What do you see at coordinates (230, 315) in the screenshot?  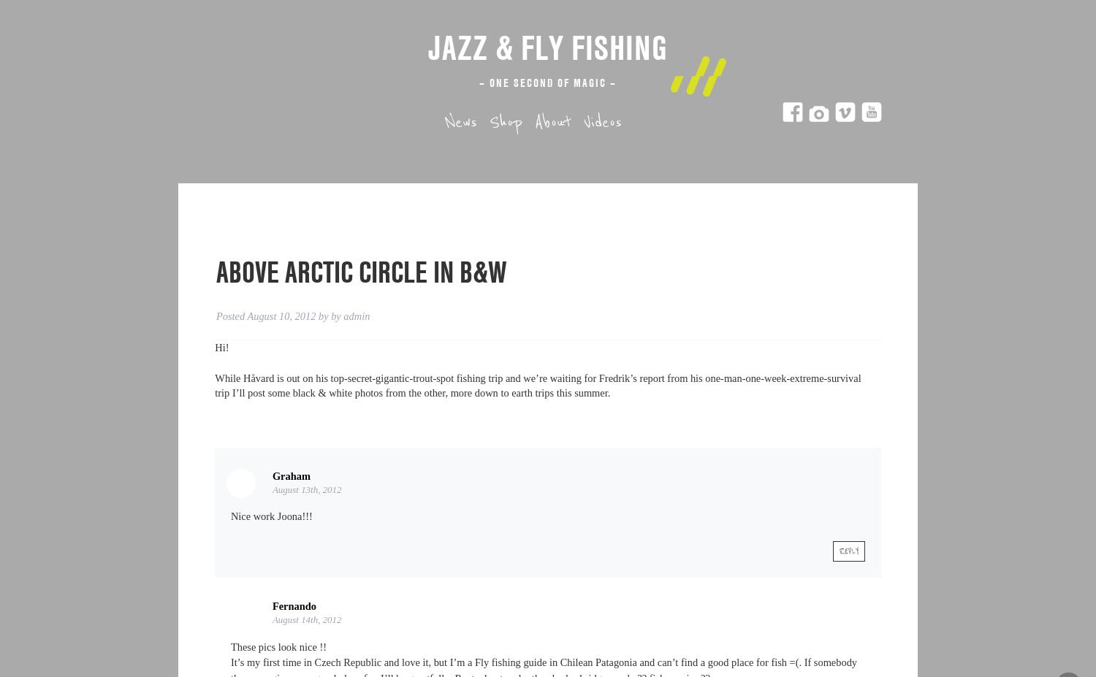 I see `'Posted'` at bounding box center [230, 315].